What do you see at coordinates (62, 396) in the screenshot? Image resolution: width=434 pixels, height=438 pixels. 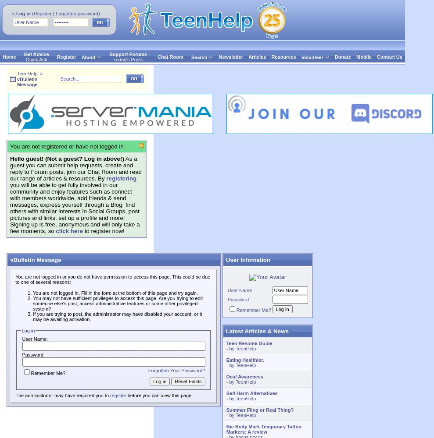 I see `'The administrator may have required you to'` at bounding box center [62, 396].